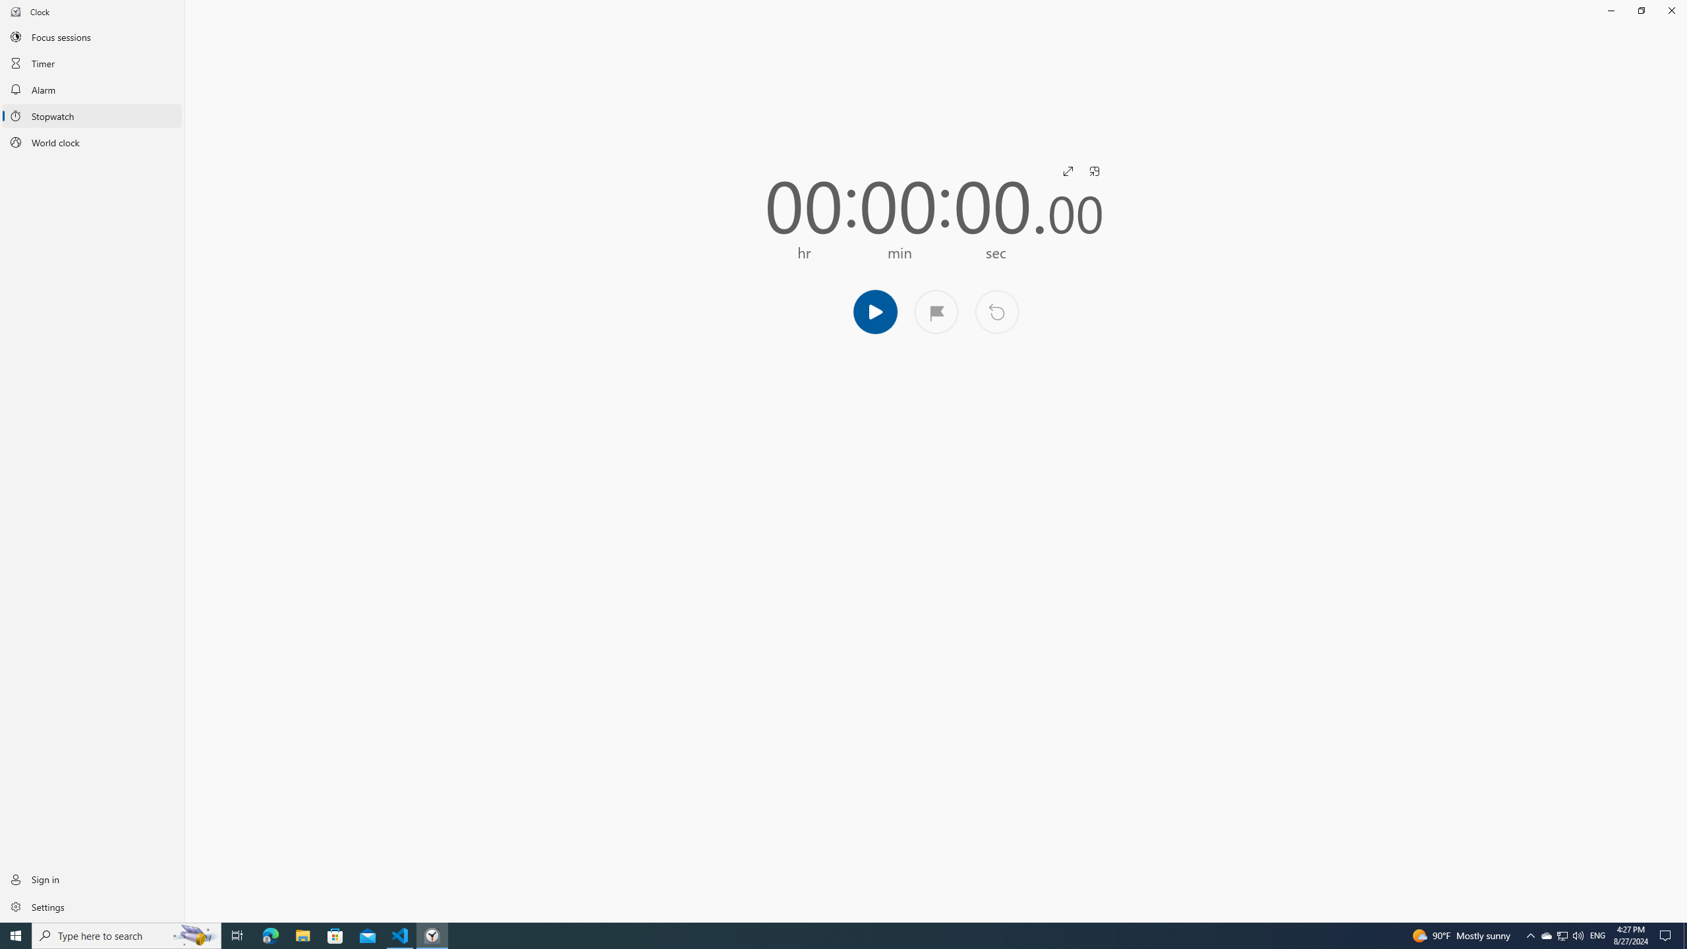  I want to click on 'Search highlights icon opens search home window', so click(194, 935).